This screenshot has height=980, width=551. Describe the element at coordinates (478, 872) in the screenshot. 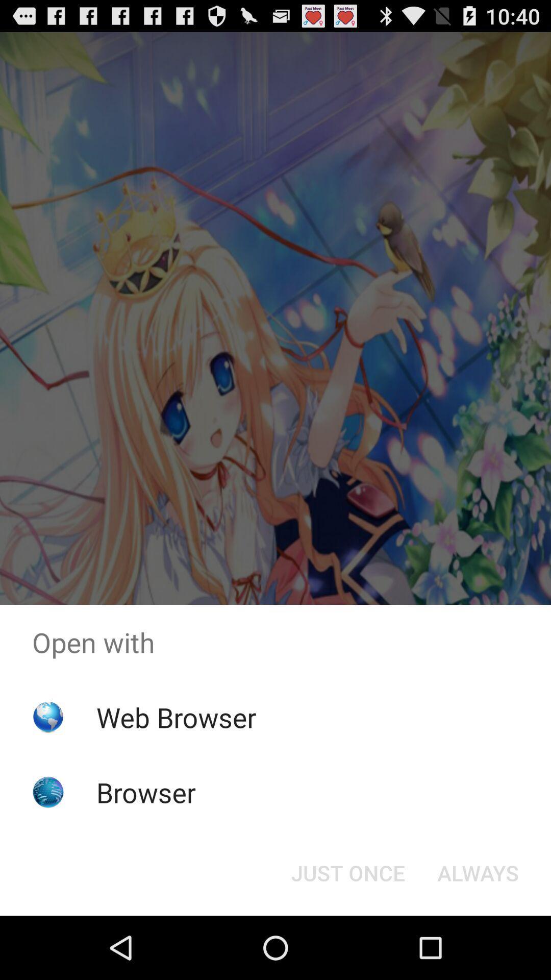

I see `item below open with app` at that location.